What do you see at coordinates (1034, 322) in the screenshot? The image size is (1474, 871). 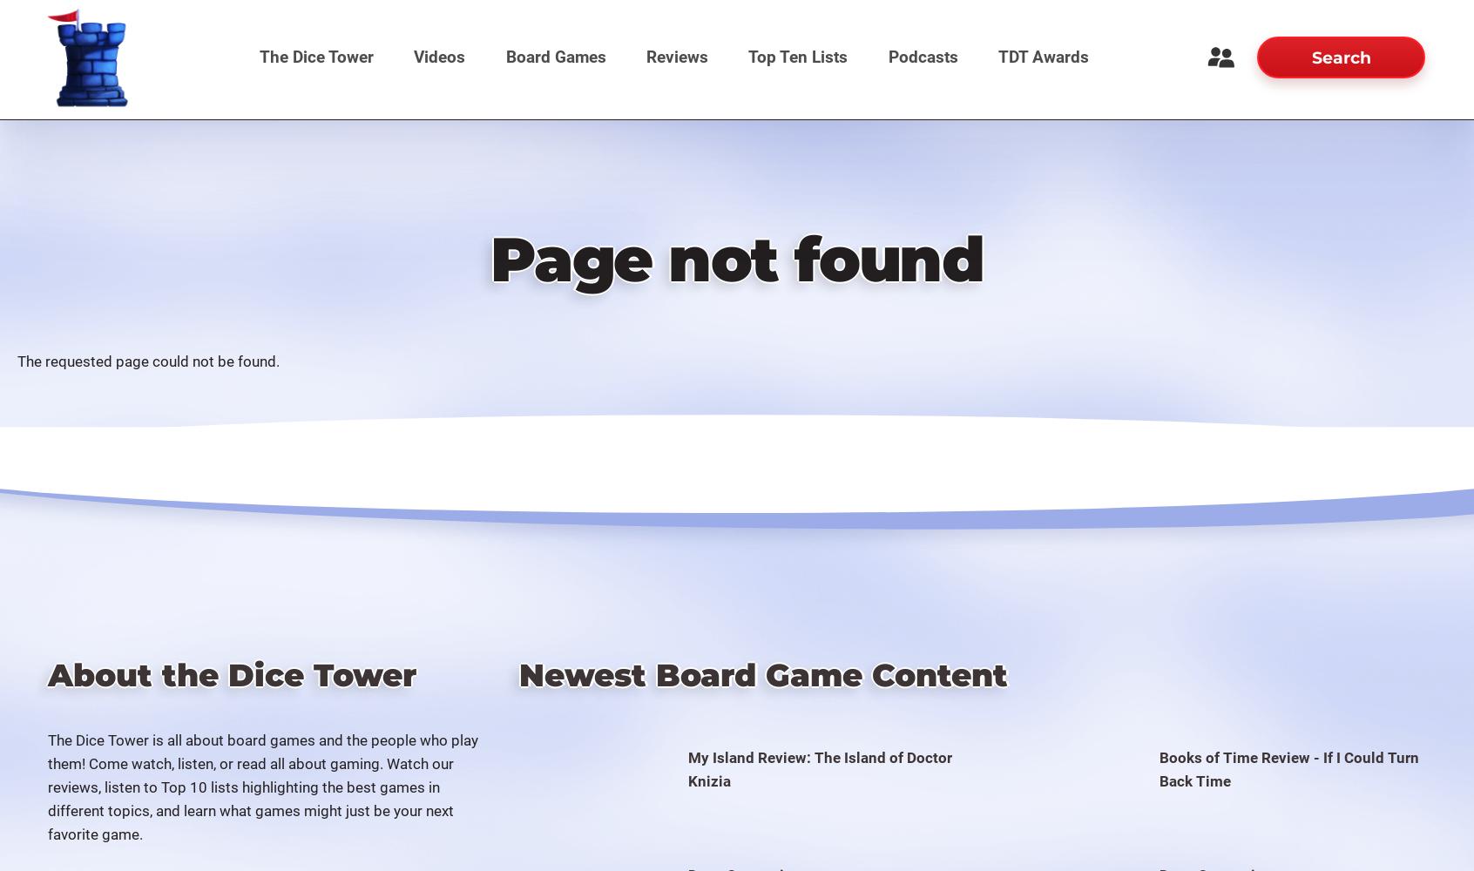 I see `'The Dice Tower Awards 2015'` at bounding box center [1034, 322].